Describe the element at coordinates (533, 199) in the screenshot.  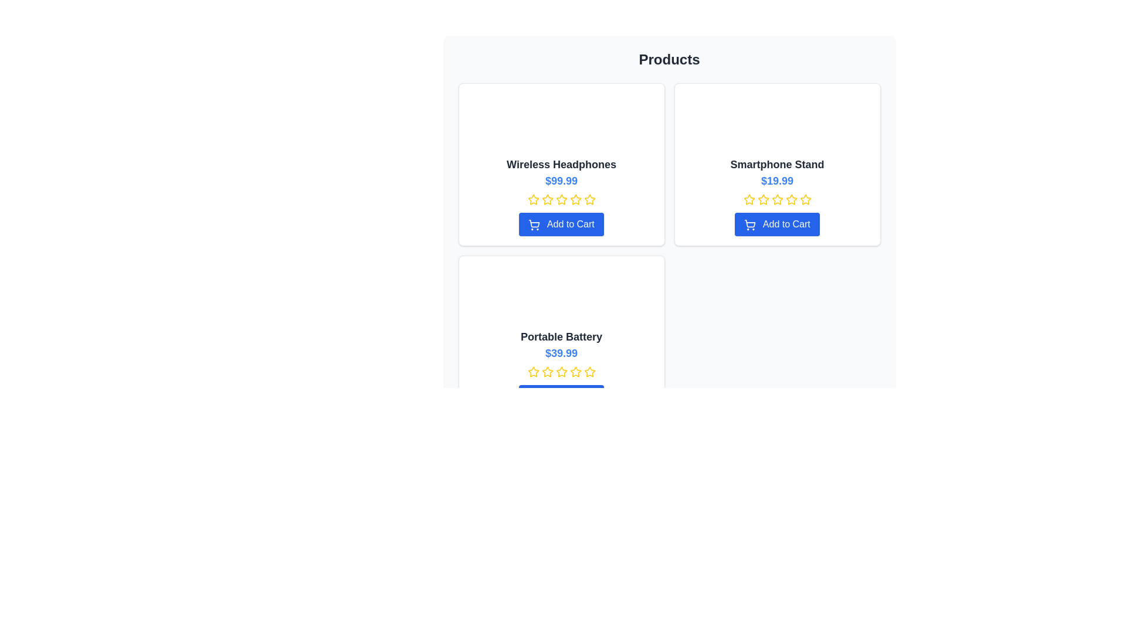
I see `the first interactive SVG star icon for the 'Wireless Headphones' product to enable accessibility navigation` at that location.